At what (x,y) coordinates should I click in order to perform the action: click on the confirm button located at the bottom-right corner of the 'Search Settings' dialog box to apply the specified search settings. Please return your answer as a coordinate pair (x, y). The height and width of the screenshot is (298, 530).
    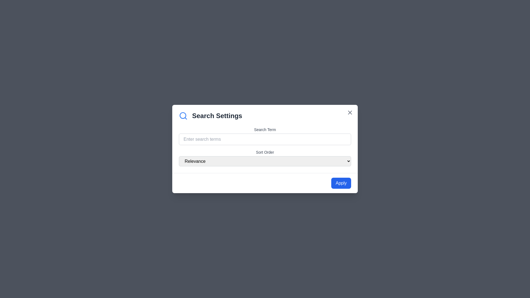
    Looking at the image, I should click on (341, 183).